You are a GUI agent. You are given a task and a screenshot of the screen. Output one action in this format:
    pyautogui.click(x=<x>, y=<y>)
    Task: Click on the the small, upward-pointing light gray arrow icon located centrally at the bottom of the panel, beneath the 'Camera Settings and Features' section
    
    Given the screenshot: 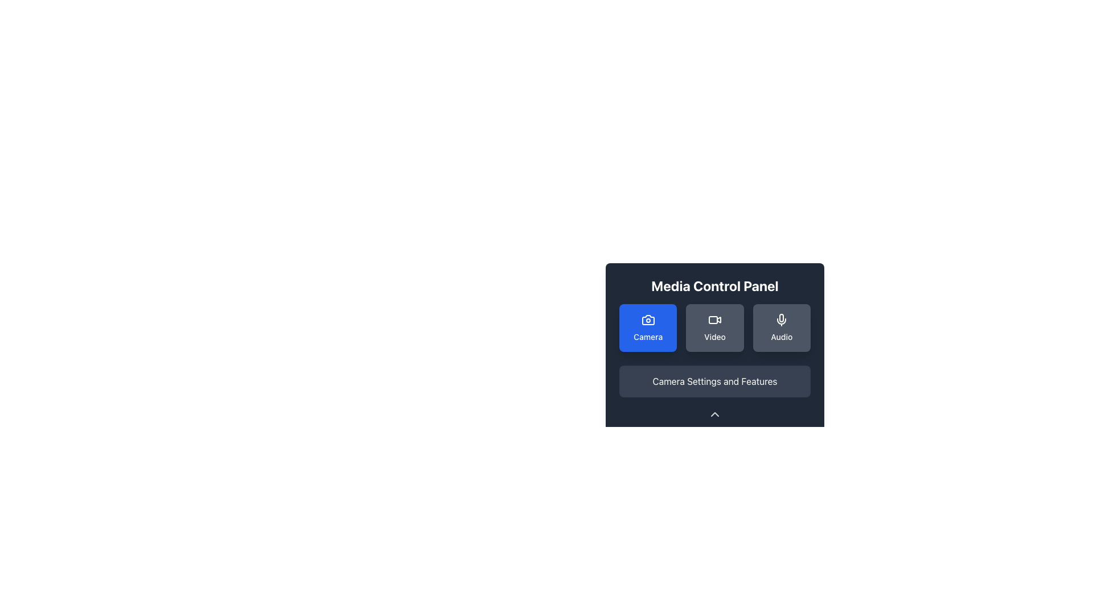 What is the action you would take?
    pyautogui.click(x=714, y=417)
    